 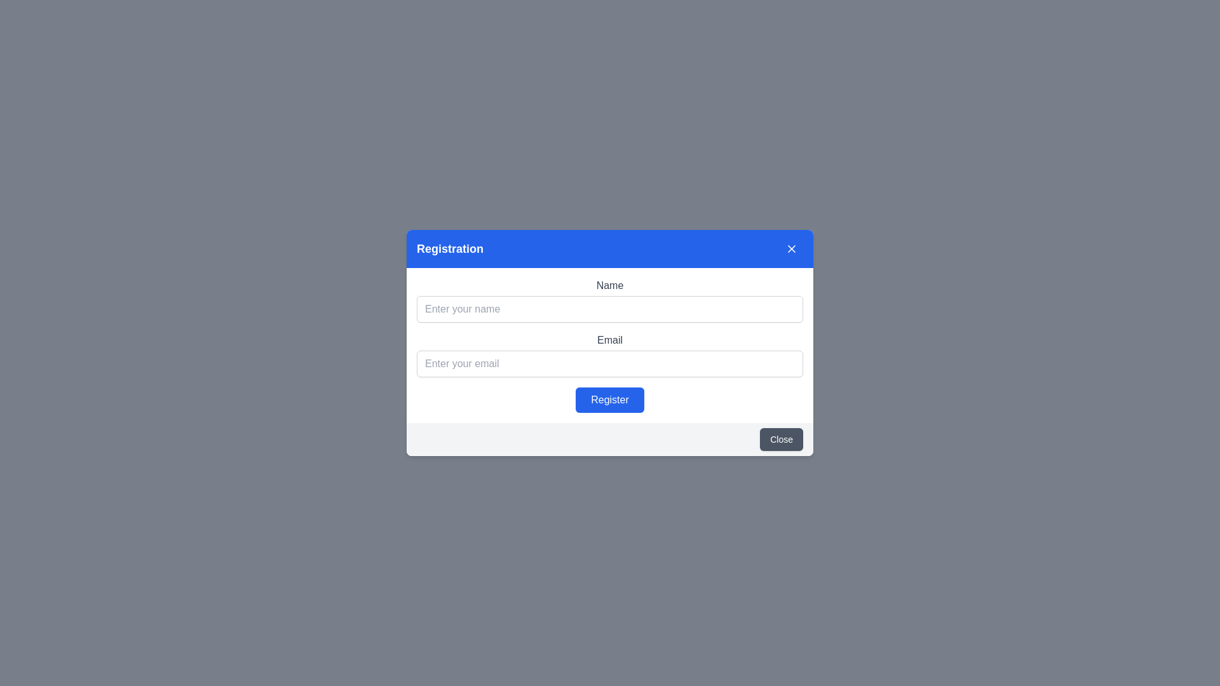 What do you see at coordinates (790, 249) in the screenshot?
I see `the small icon button with a rounded border and 'X' symbol located in the top-right corner of the dialog box` at bounding box center [790, 249].